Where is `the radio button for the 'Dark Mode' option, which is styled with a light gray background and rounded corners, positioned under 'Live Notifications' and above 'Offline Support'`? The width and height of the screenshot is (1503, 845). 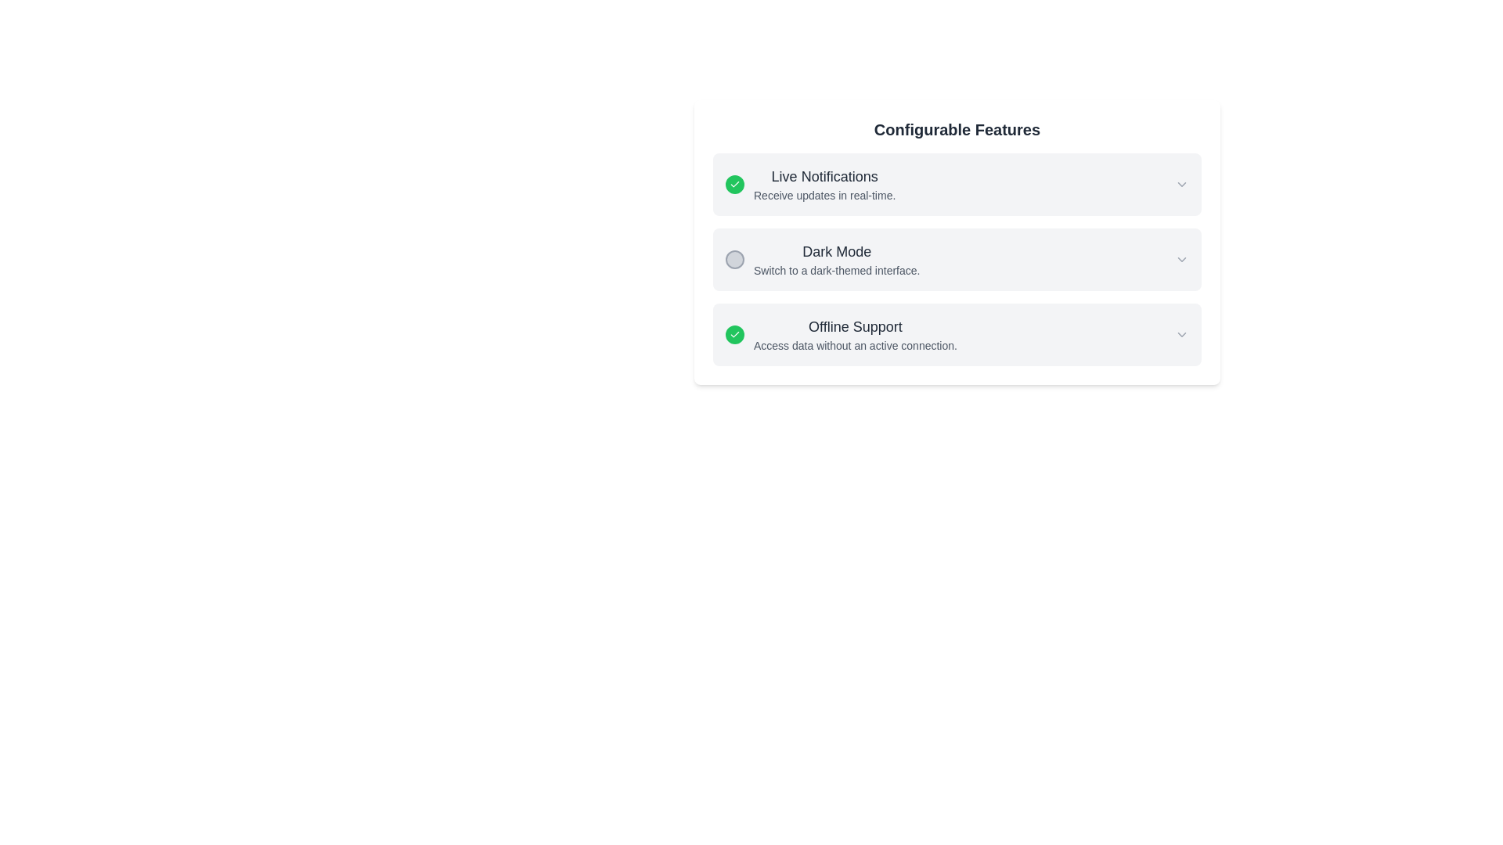
the radio button for the 'Dark Mode' option, which is styled with a light gray background and rounded corners, positioned under 'Live Notifications' and above 'Offline Support' is located at coordinates (957, 258).